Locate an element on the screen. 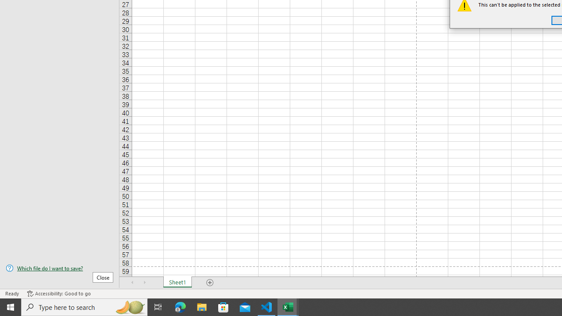 The height and width of the screenshot is (316, 562). 'Scroll Left' is located at coordinates (132, 283).